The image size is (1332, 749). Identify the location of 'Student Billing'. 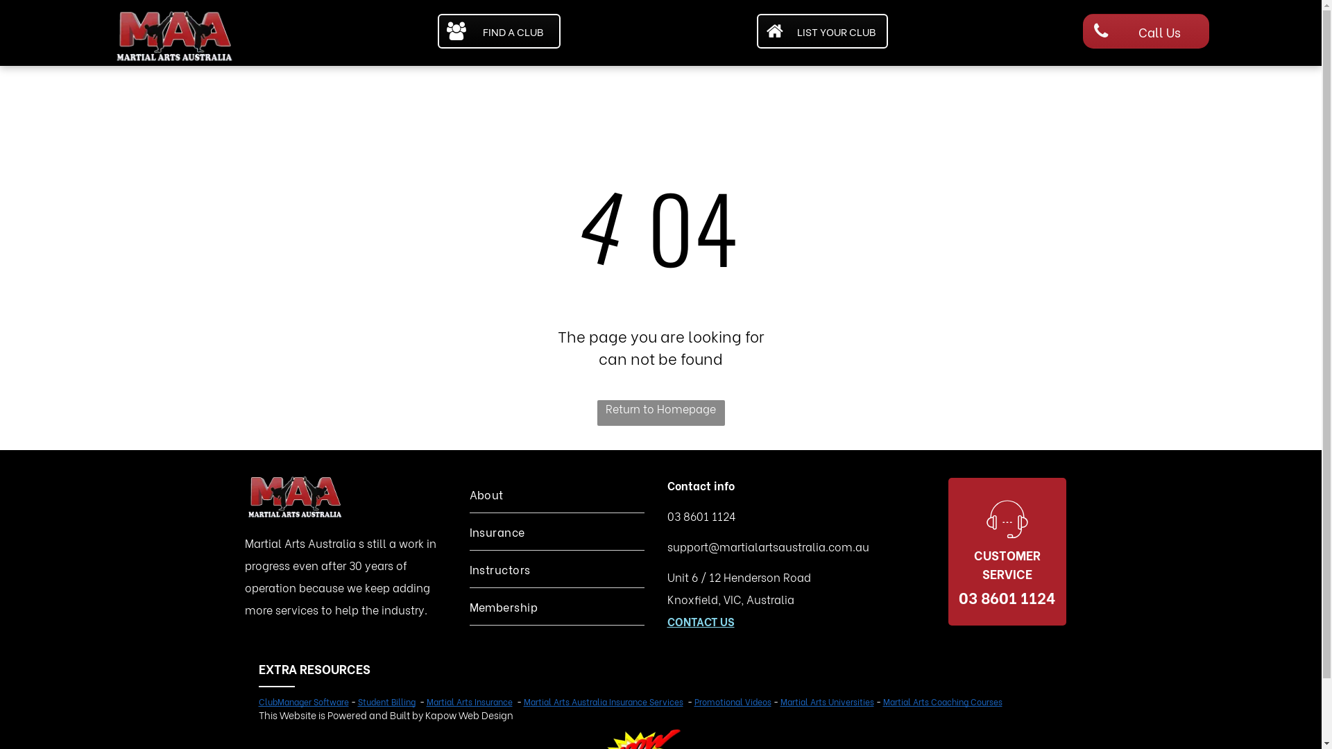
(386, 701).